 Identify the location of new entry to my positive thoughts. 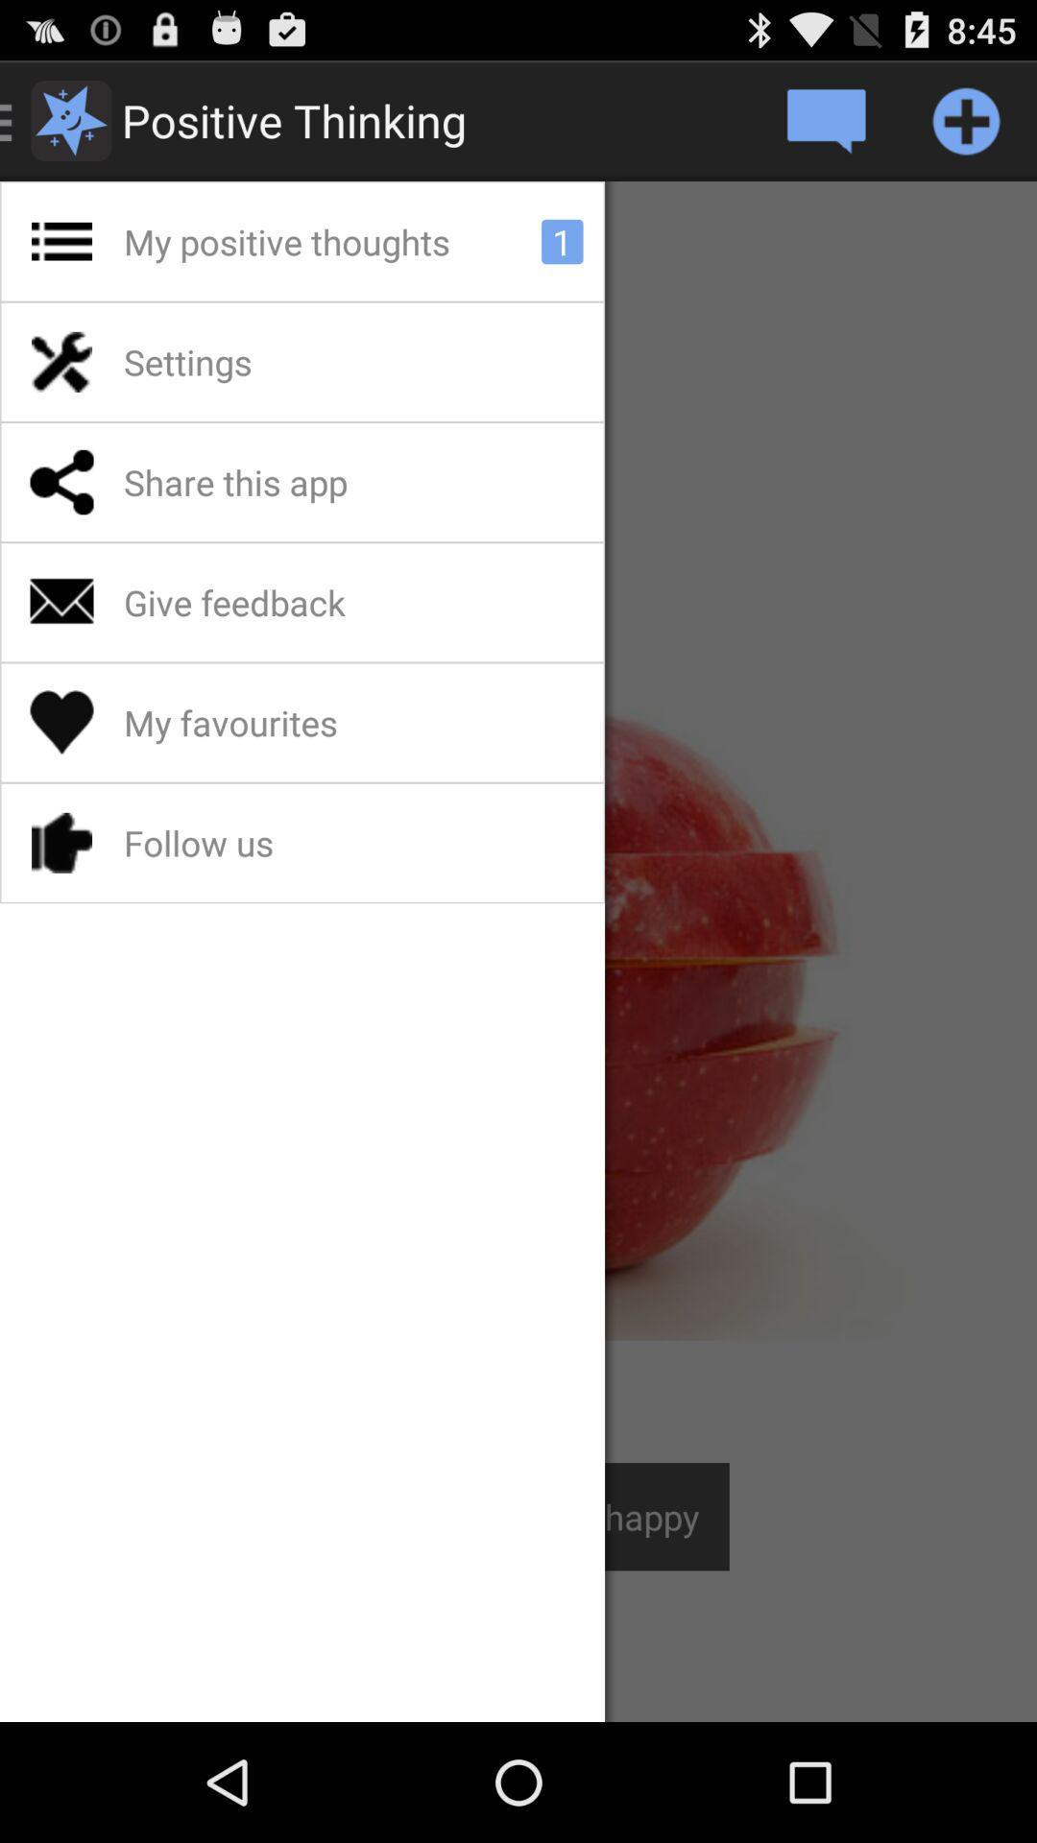
(966, 119).